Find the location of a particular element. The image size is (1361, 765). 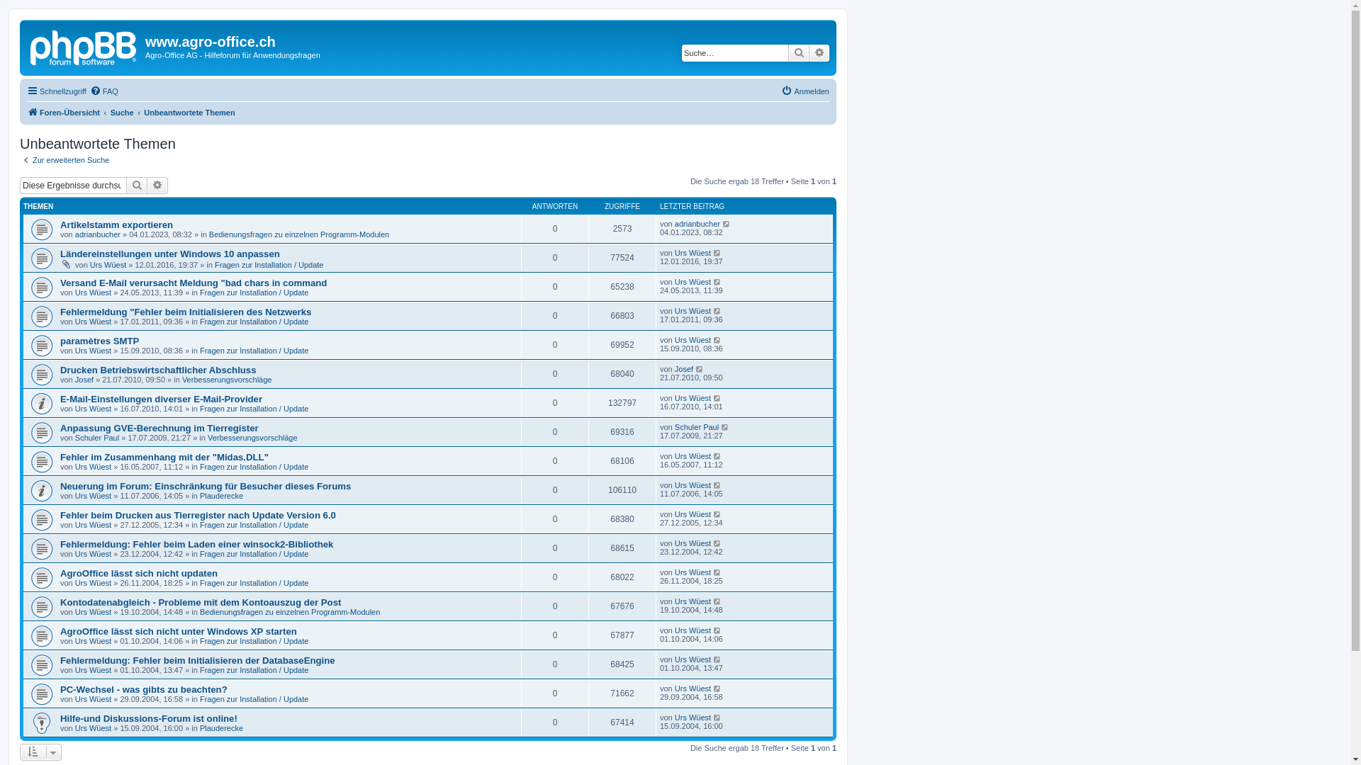

'Schuler Paul' is located at coordinates (96, 436).